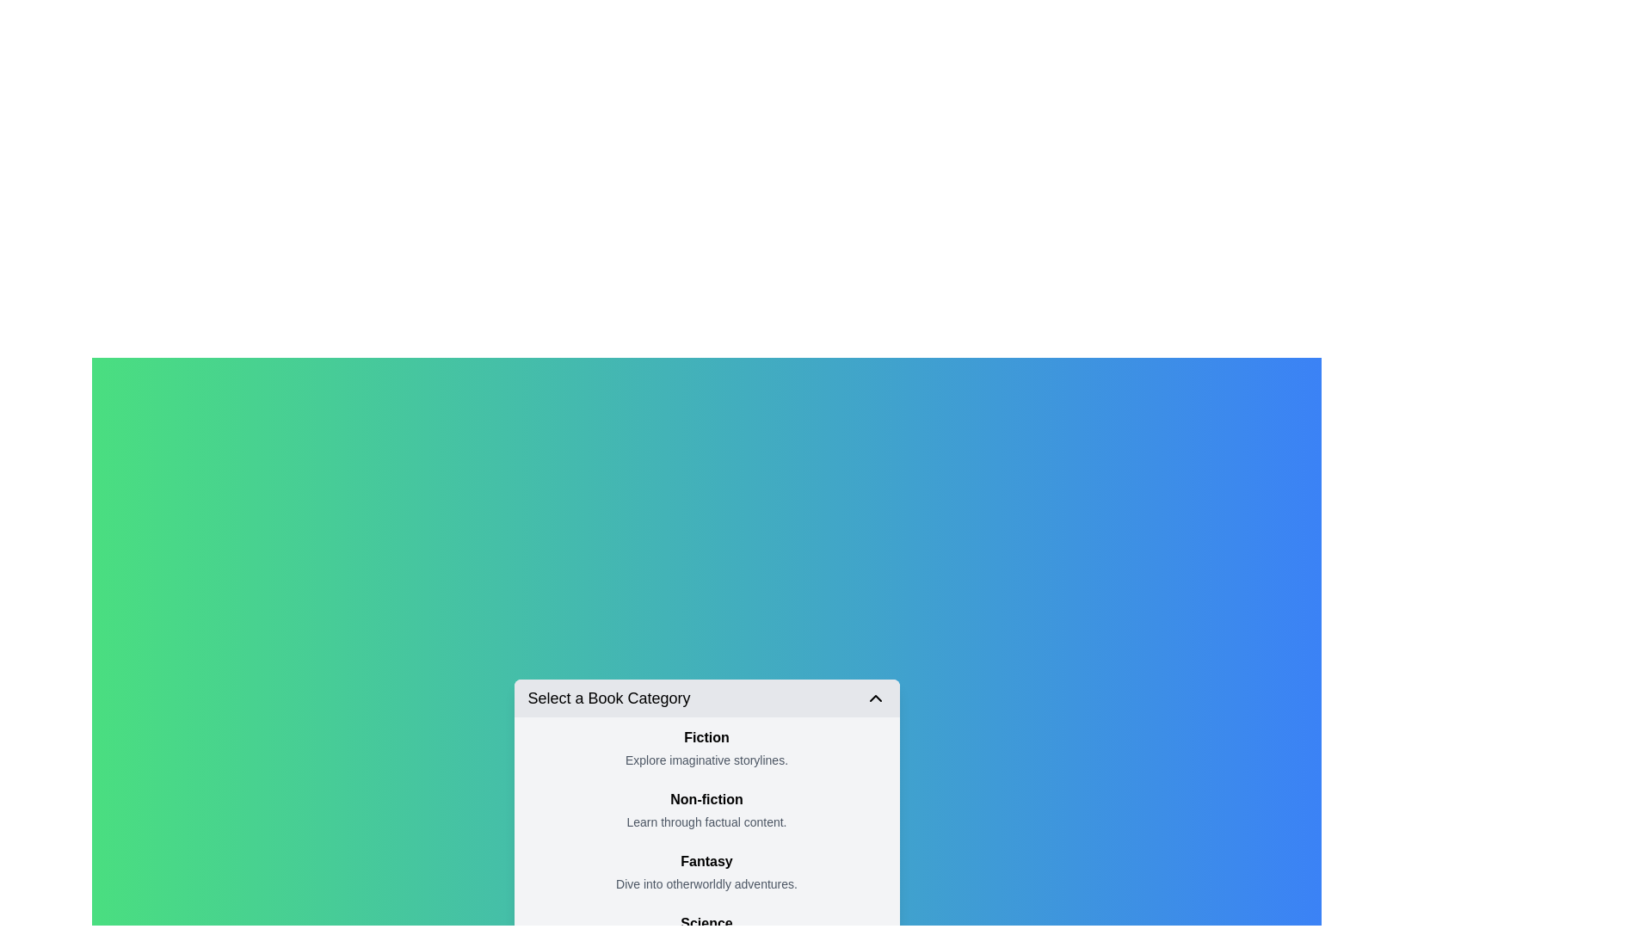 Image resolution: width=1652 pixels, height=929 pixels. I want to click on the 'Non-fiction' dropdown menu item, which is the second option in the dropdown titled 'Select a Book Category', so click(706, 809).